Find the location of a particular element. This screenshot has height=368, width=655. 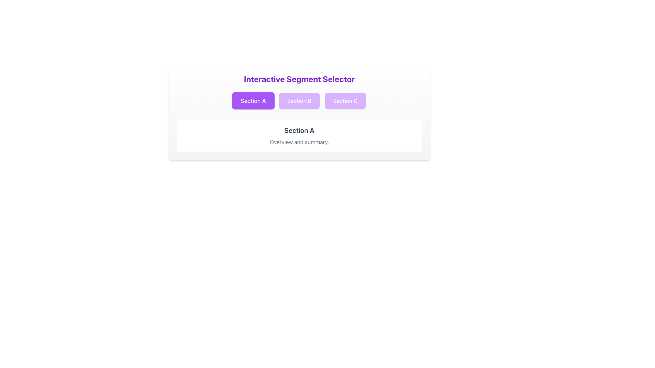

the 'Section A' button, which is the first among three buttons labeled 'Section A', 'Section B', and 'Section C' is located at coordinates (253, 101).